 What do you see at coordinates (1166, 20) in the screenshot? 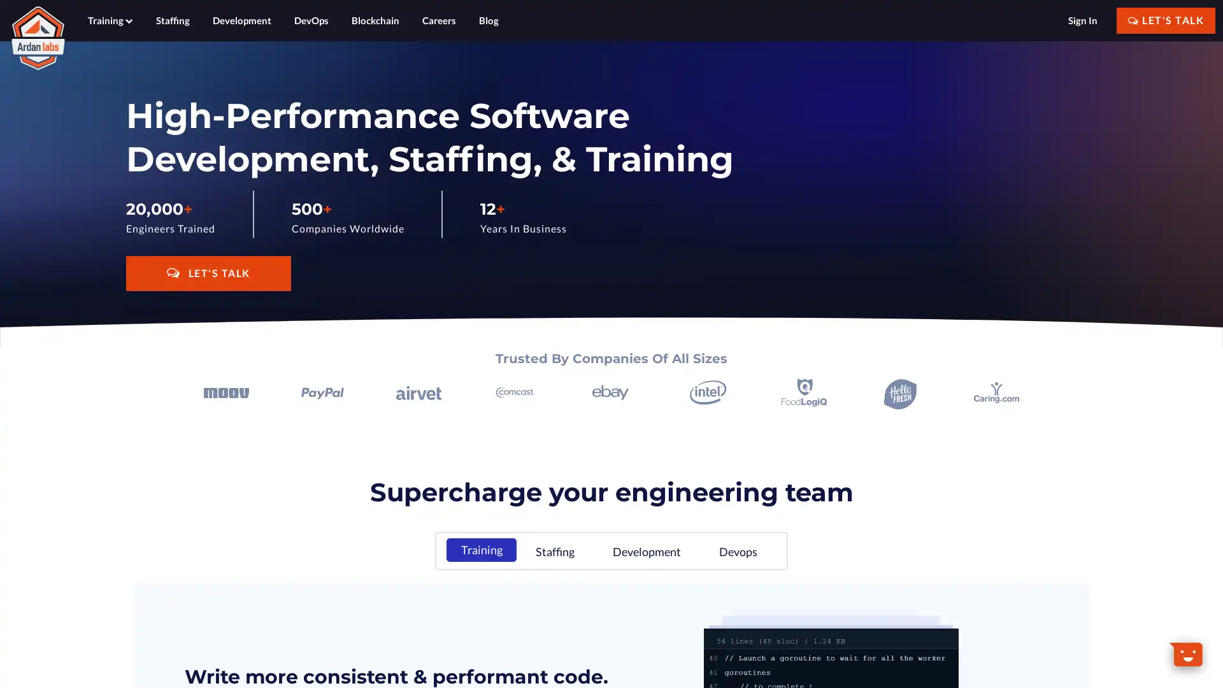
I see `LET'S TALK` at bounding box center [1166, 20].